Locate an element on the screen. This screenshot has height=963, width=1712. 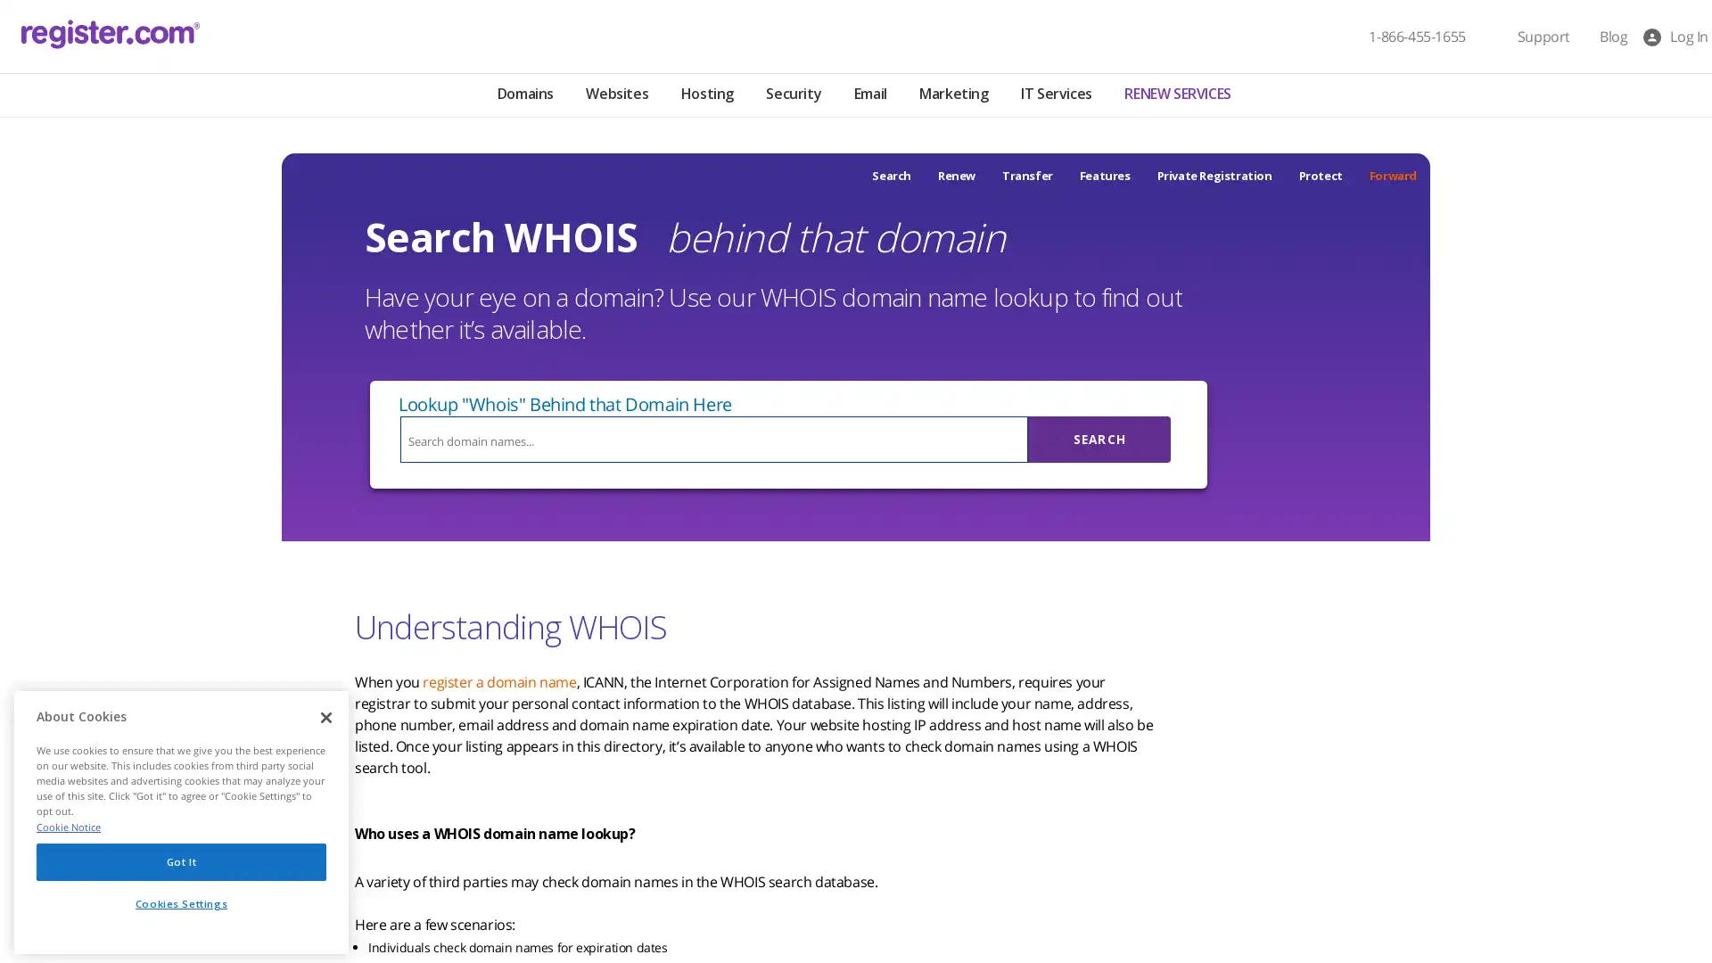
Websites is located at coordinates (616, 95).